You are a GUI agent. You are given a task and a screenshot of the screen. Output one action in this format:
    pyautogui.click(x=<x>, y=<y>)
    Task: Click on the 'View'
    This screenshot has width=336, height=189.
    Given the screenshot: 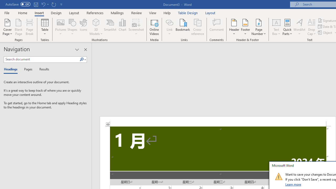 What is the action you would take?
    pyautogui.click(x=153, y=13)
    